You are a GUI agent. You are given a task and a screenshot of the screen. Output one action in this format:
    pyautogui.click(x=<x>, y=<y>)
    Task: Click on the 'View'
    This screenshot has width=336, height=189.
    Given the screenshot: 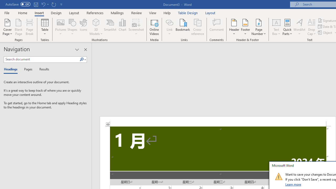 What is the action you would take?
    pyautogui.click(x=153, y=13)
    